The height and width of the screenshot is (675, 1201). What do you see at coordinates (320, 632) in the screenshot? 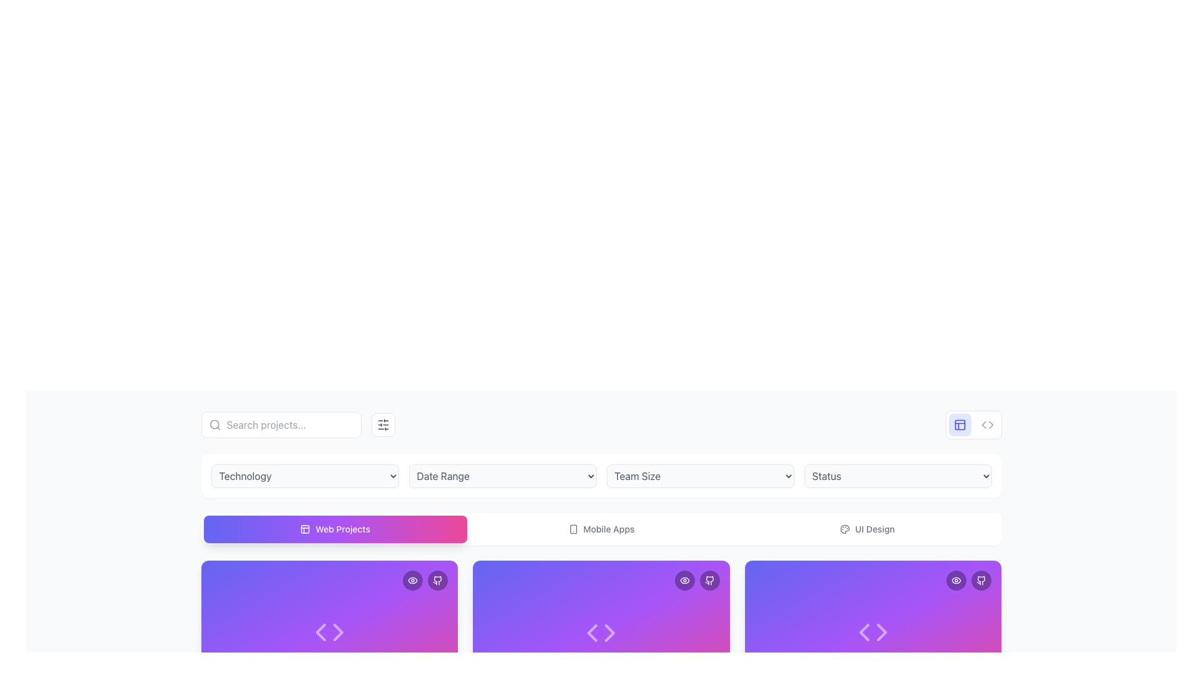
I see `the backward navigation button located at the left section of the bottom card, which is the first of two chevron arrows for navigating to previous items` at bounding box center [320, 632].